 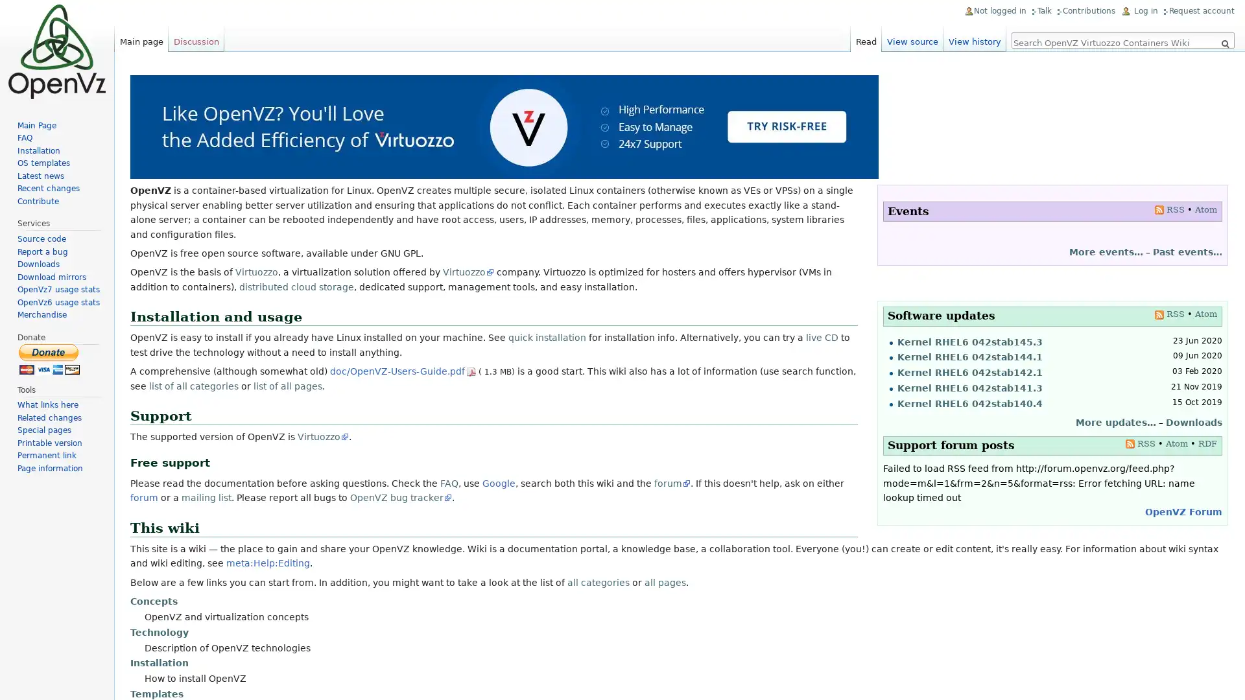 I want to click on PayPal - The safer, easier way to pay online!, so click(x=49, y=358).